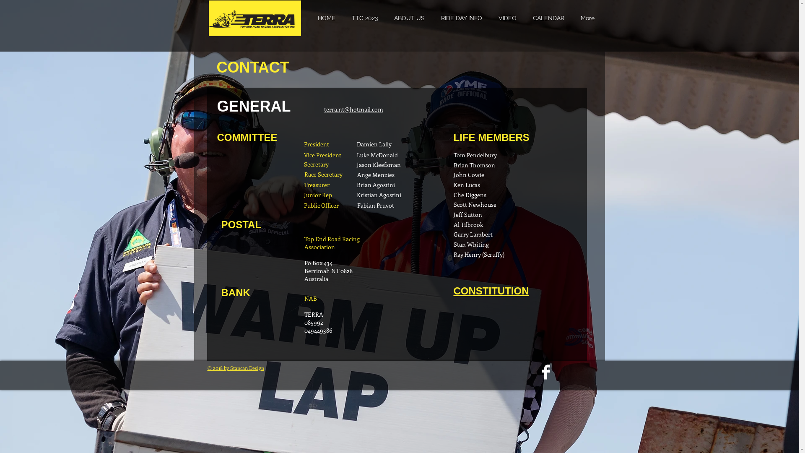 The height and width of the screenshot is (453, 805). Describe the element at coordinates (323, 109) in the screenshot. I see `'terra.nt@hotmail.com'` at that location.